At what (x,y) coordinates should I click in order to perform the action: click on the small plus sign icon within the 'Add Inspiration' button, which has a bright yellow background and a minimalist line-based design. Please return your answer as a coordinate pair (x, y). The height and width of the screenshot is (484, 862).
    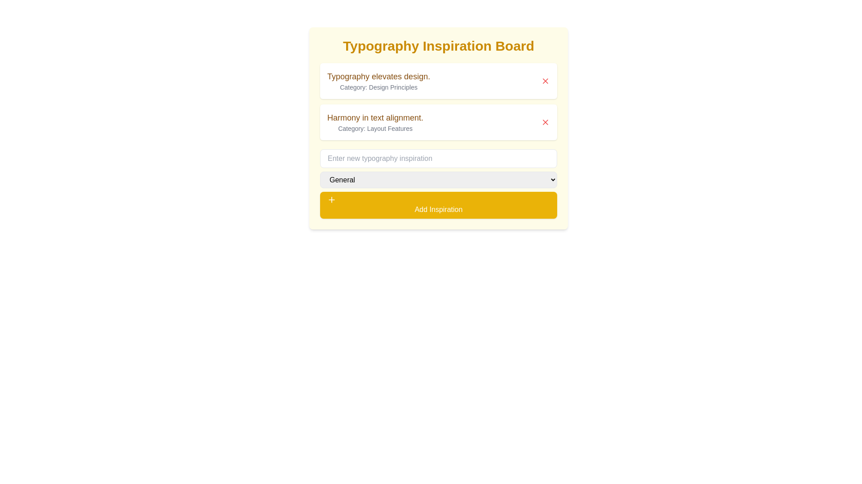
    Looking at the image, I should click on (331, 199).